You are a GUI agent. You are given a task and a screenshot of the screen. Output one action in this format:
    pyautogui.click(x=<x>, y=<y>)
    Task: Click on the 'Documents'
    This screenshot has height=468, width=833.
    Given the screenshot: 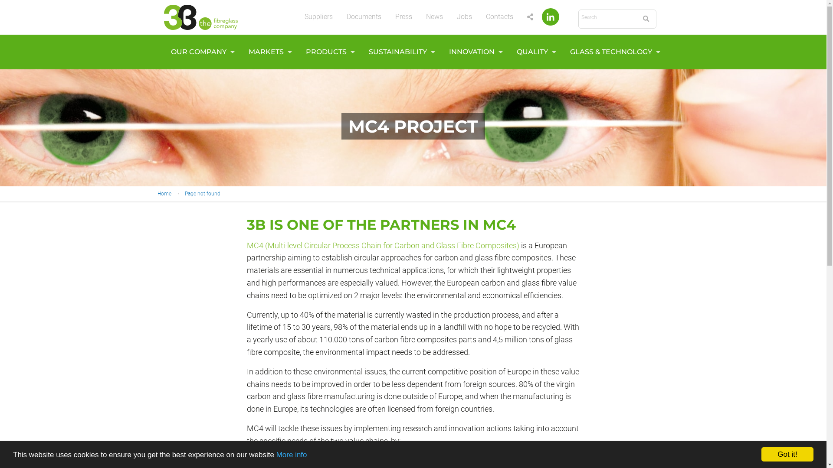 What is the action you would take?
    pyautogui.click(x=364, y=16)
    